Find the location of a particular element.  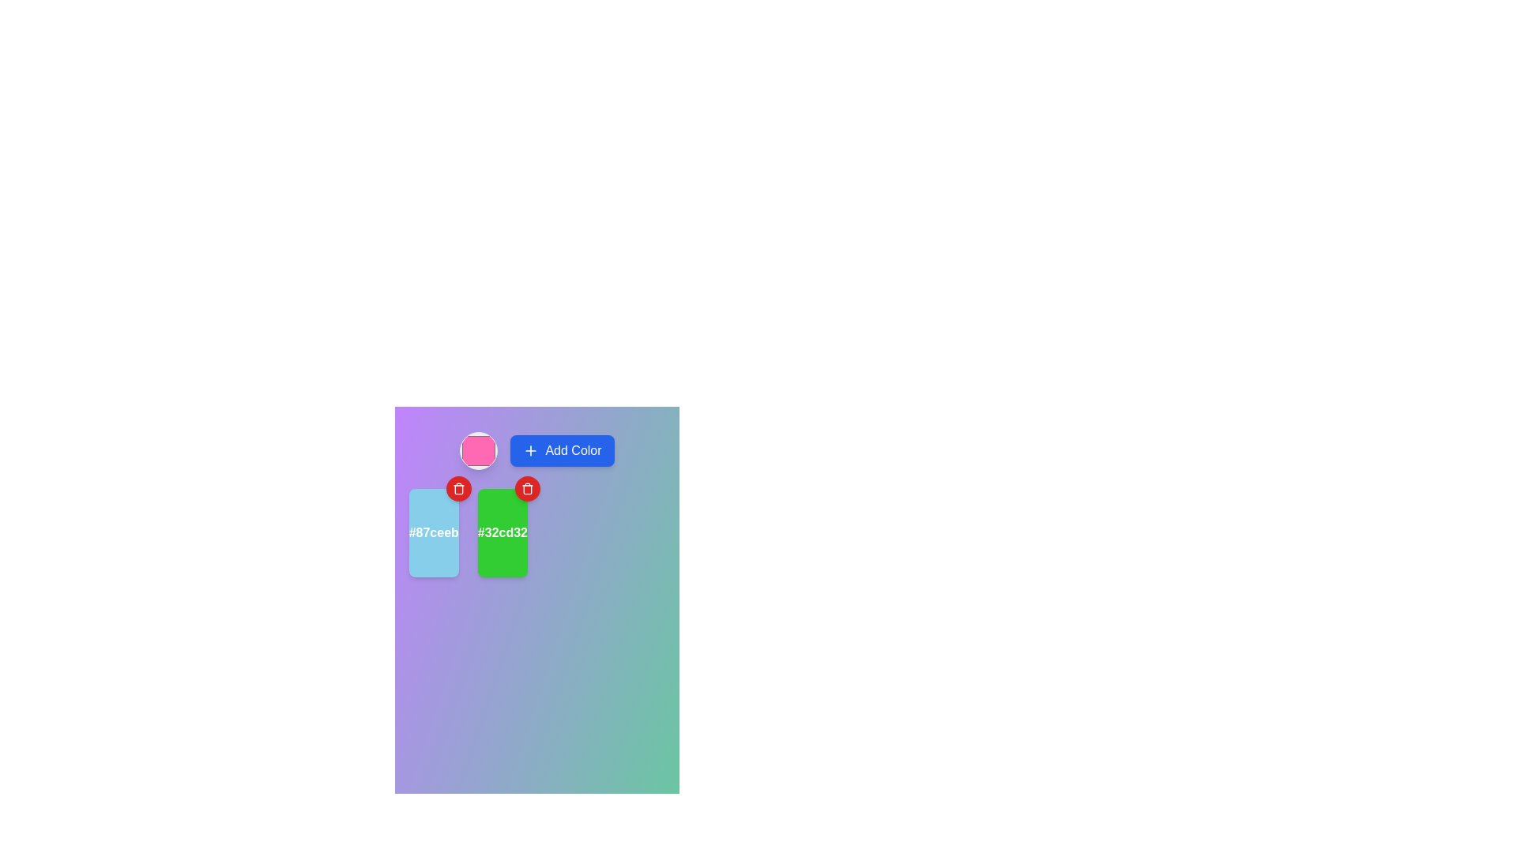

the pink circular color preview located to the left within the color selection group is located at coordinates (537, 450).